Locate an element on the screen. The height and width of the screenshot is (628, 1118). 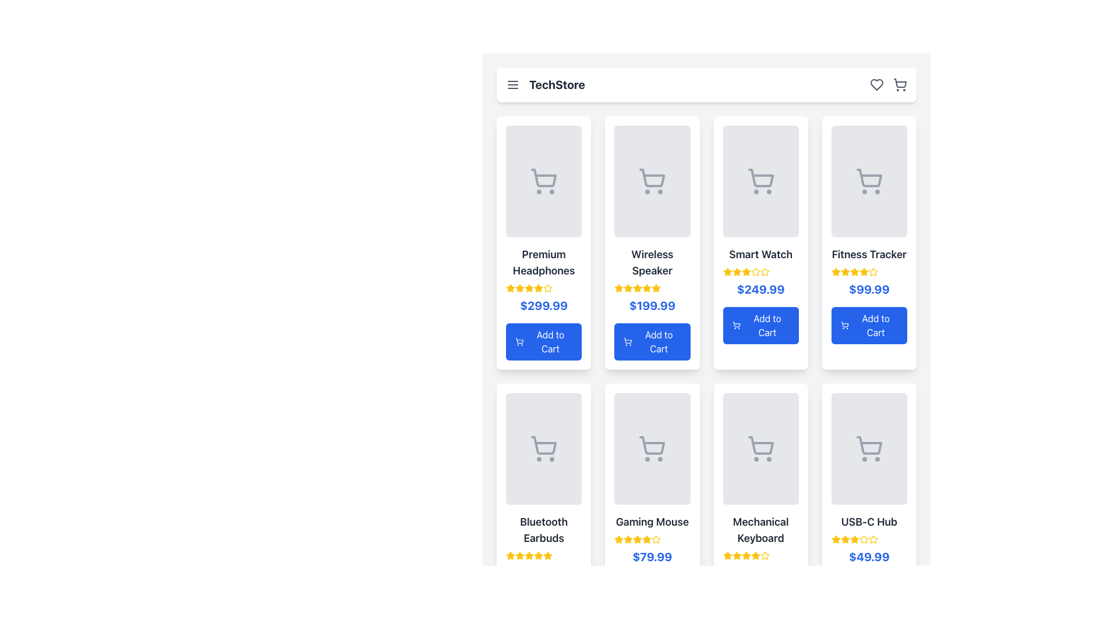
the fourth star-shaped Rating icon, filled with bright yellow color is located at coordinates (637, 540).